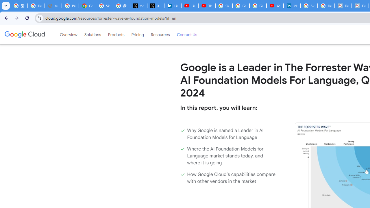 The image size is (370, 208). I want to click on 'Contact Us', so click(187, 34).